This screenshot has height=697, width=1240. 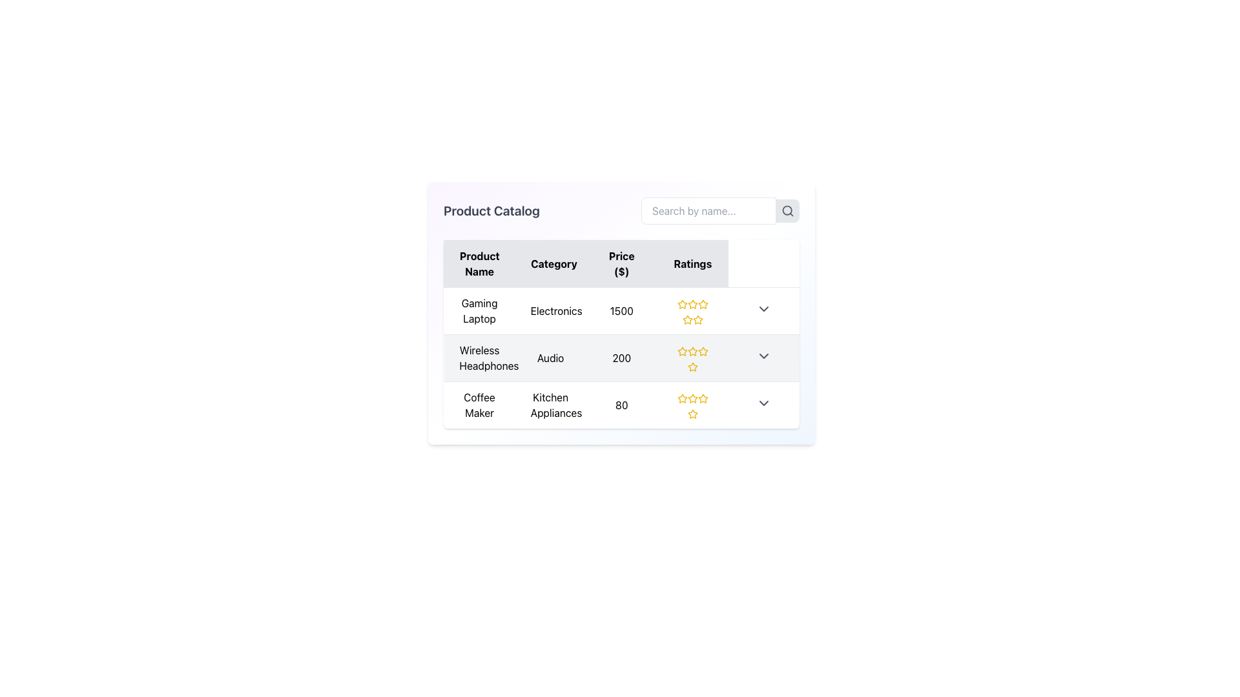 What do you see at coordinates (692, 367) in the screenshot?
I see `the third star icon in the product rating system, which is located in the second row of the ratings column, between two filled yellow stars and two empty star outlines` at bounding box center [692, 367].